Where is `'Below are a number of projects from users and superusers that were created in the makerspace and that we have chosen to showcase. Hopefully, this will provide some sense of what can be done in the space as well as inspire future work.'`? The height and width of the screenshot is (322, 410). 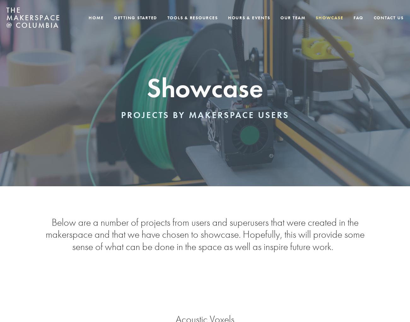
'Below are a number of projects from users and superusers that were created in the makerspace and that we have chosen to showcase. Hopefully, this will provide some sense of what can be done in the space as well as inspire future work.' is located at coordinates (205, 234).